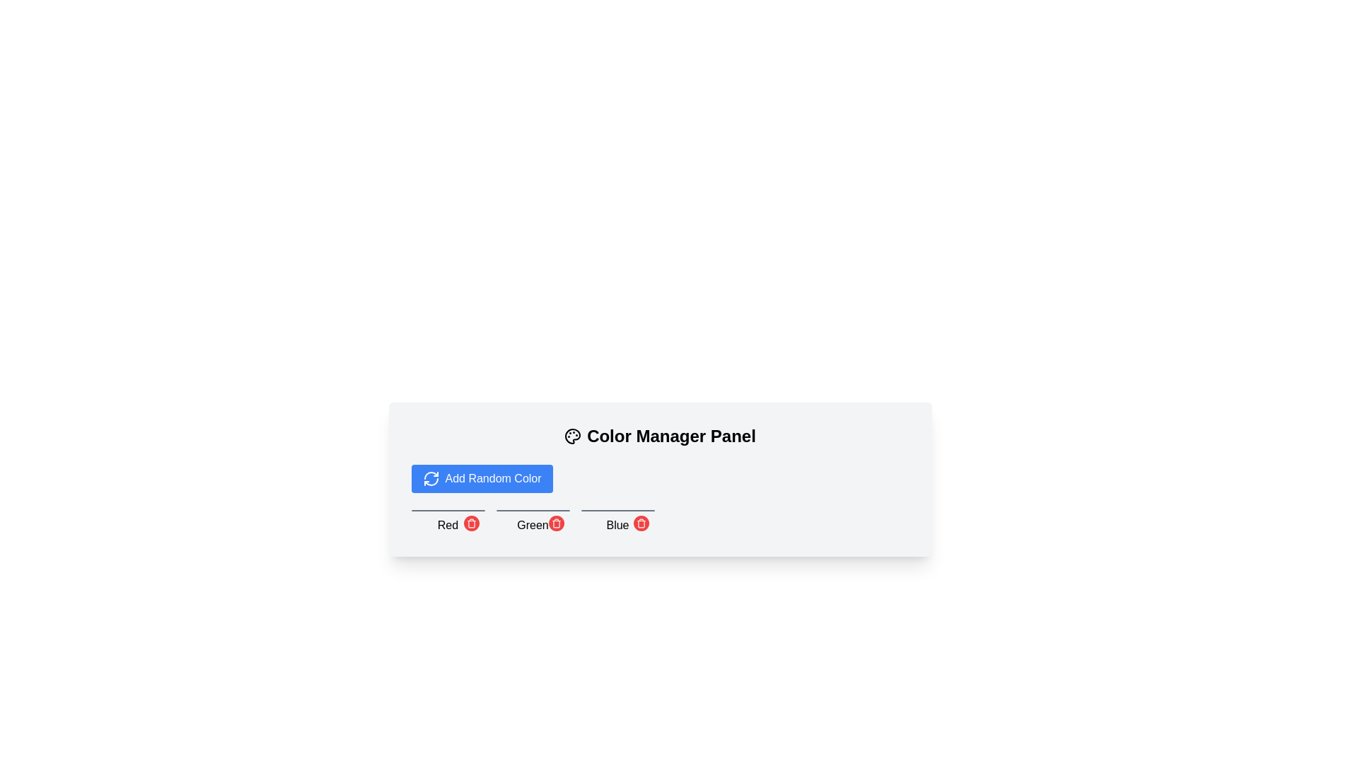  I want to click on keyboard navigation, so click(640, 524).